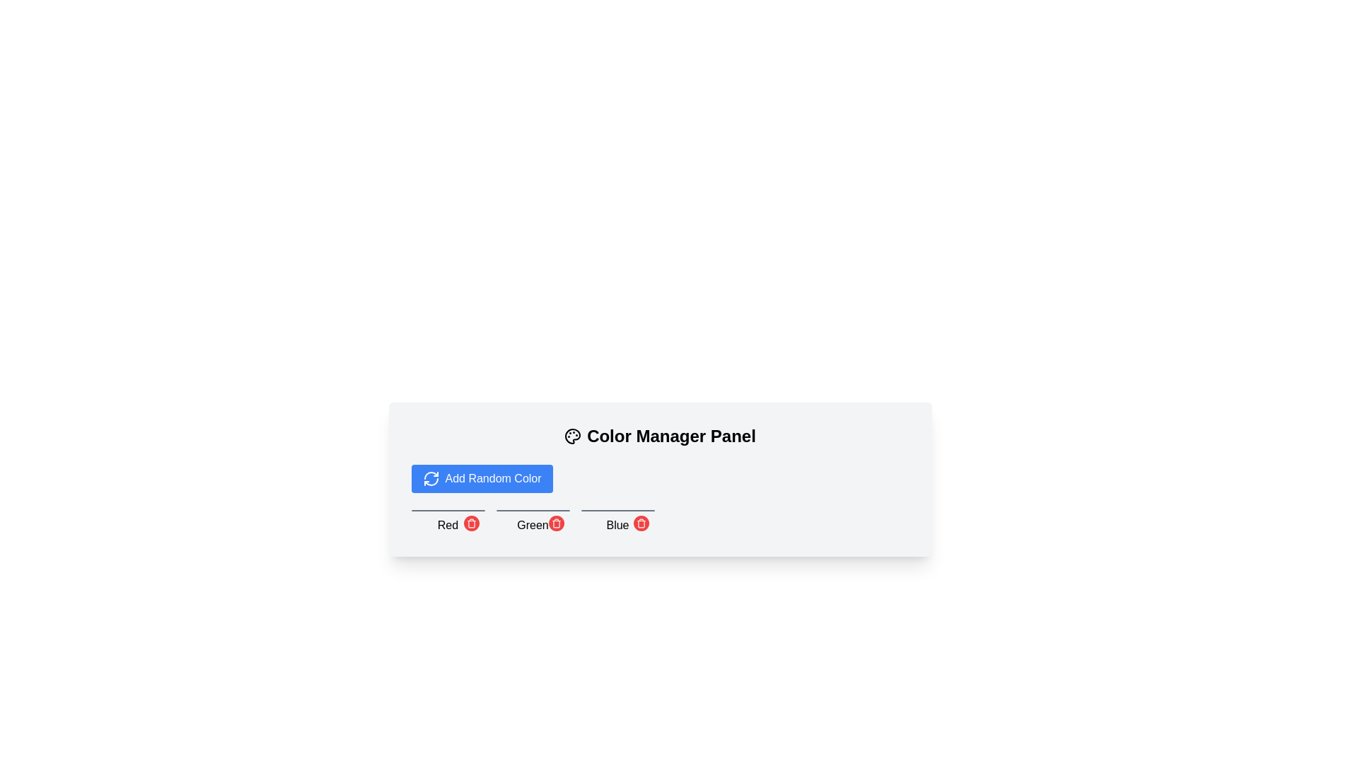  I want to click on keyboard navigation, so click(640, 524).